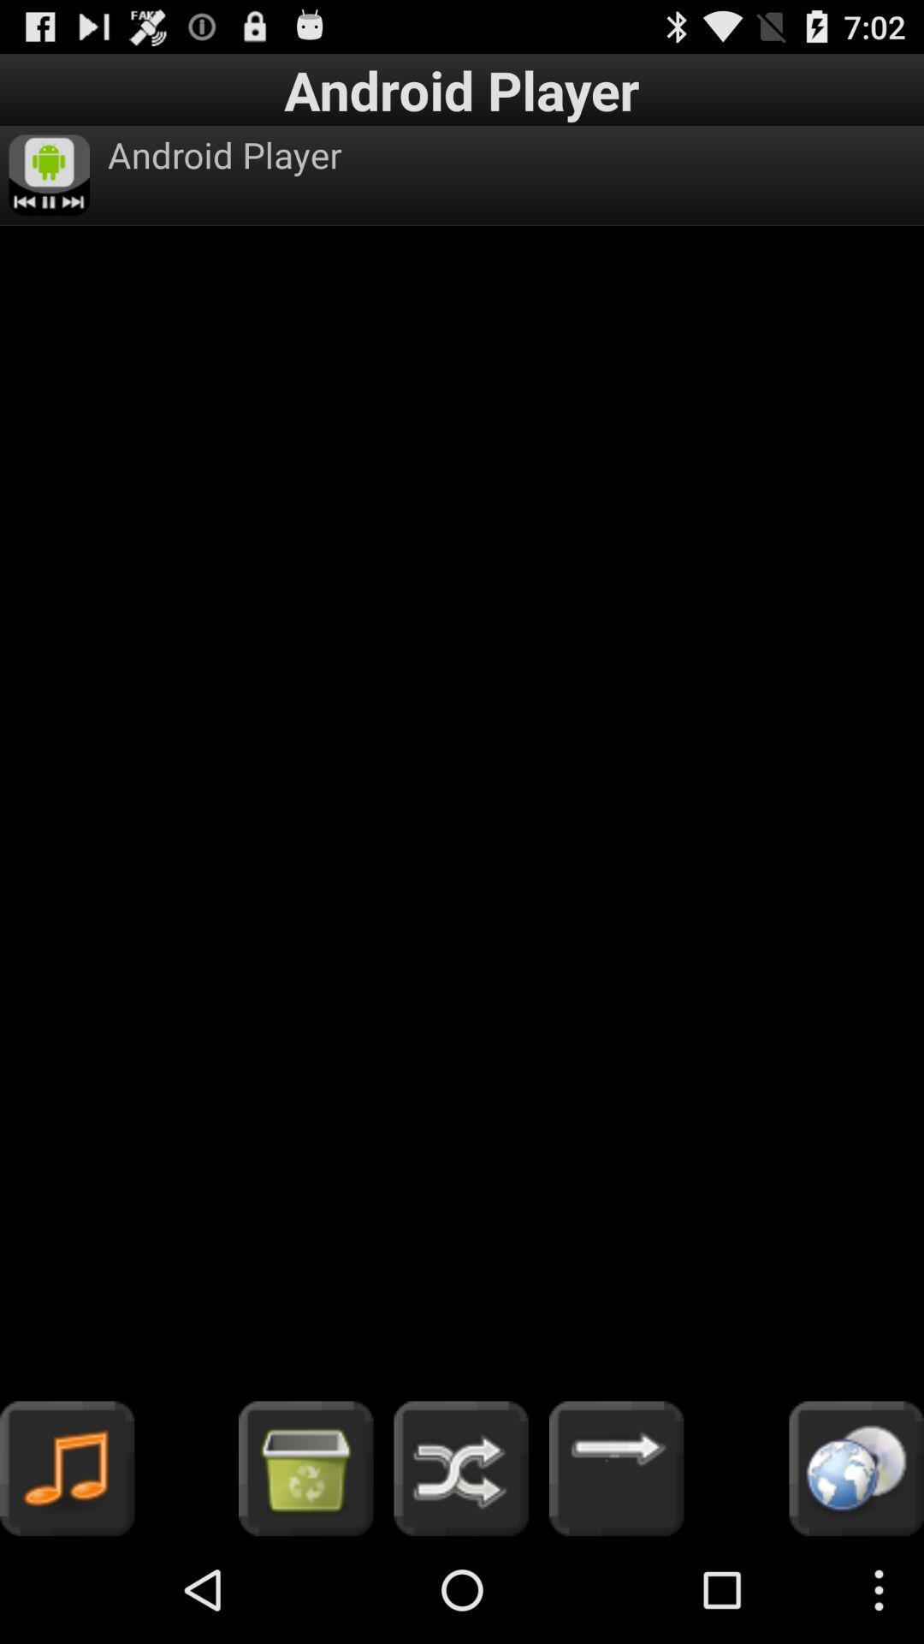 Image resolution: width=924 pixels, height=1644 pixels. I want to click on the music icon, so click(66, 1571).